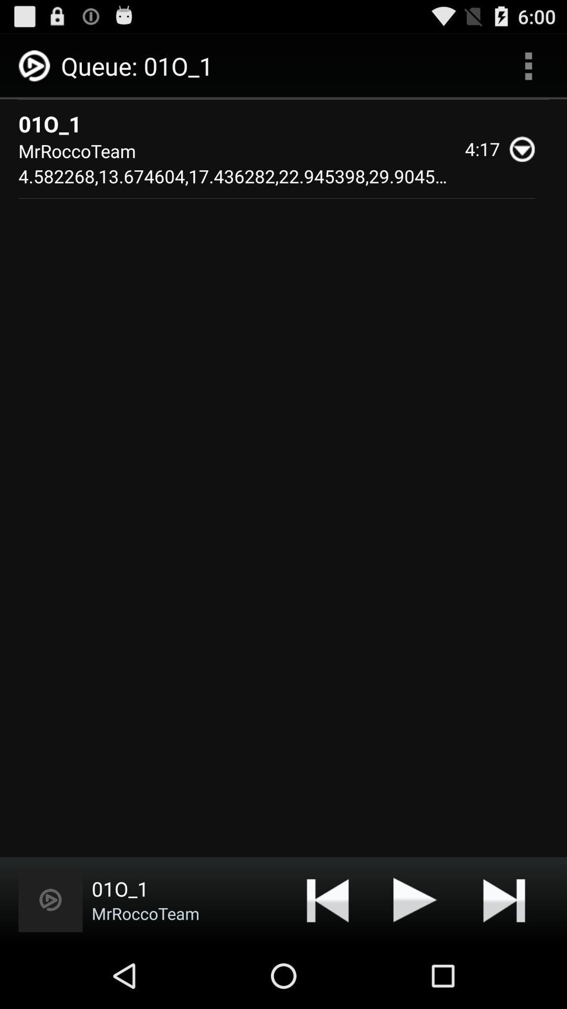 This screenshot has height=1009, width=567. What do you see at coordinates (327, 899) in the screenshot?
I see `rewind` at bounding box center [327, 899].